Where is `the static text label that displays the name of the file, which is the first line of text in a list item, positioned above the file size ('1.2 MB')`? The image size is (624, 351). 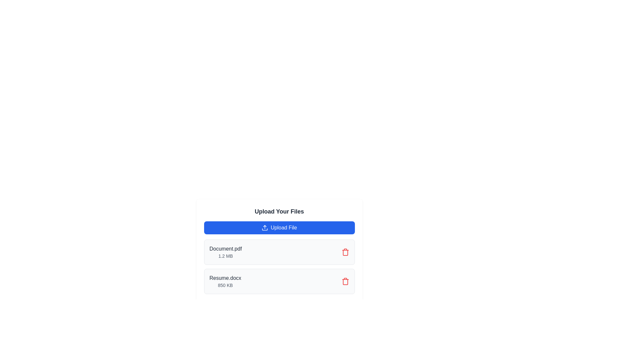
the static text label that displays the name of the file, which is the first line of text in a list item, positioned above the file size ('1.2 MB') is located at coordinates (226, 249).